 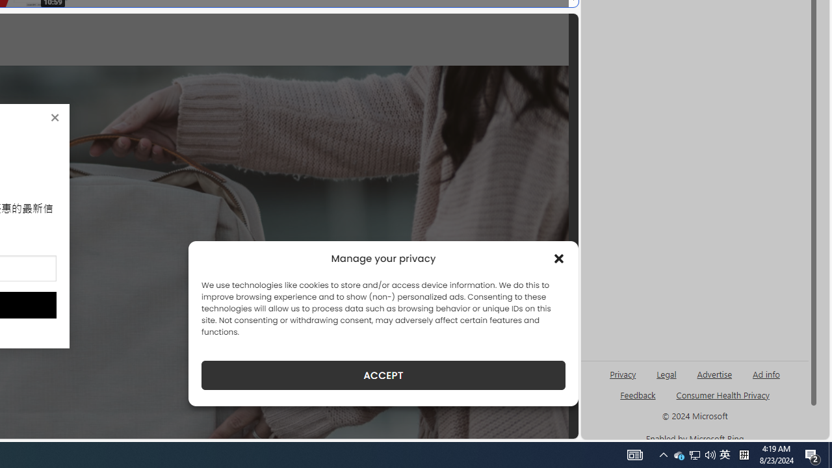 I want to click on 'Tray Input Indicator - Chinese (Simplified, China)', so click(x=744, y=454).